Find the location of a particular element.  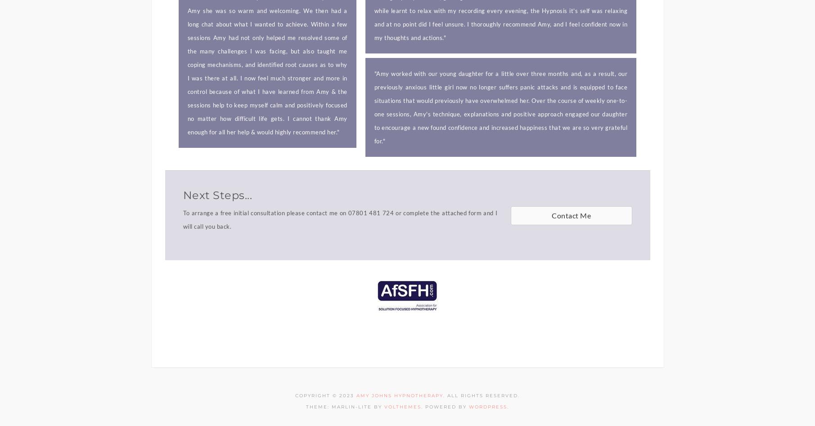

'. All rights reserved.' is located at coordinates (481, 395).